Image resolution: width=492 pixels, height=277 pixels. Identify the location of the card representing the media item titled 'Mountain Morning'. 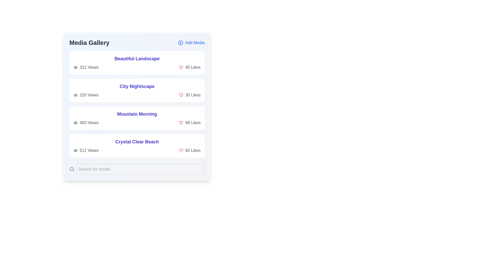
(137, 118).